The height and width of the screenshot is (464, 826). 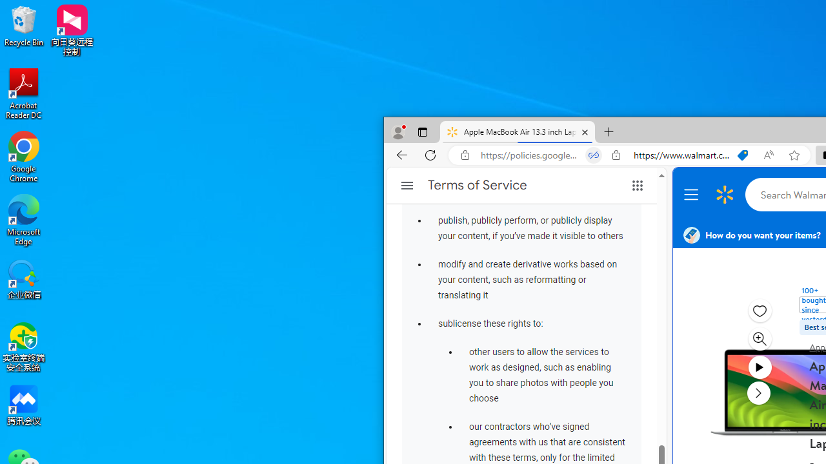 I want to click on 'Google Chrome', so click(x=24, y=156).